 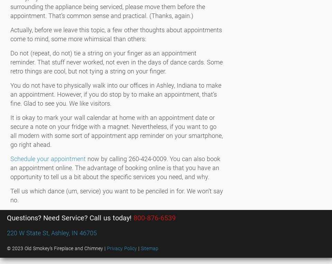 I want to click on '800-876-6539', so click(x=154, y=218).